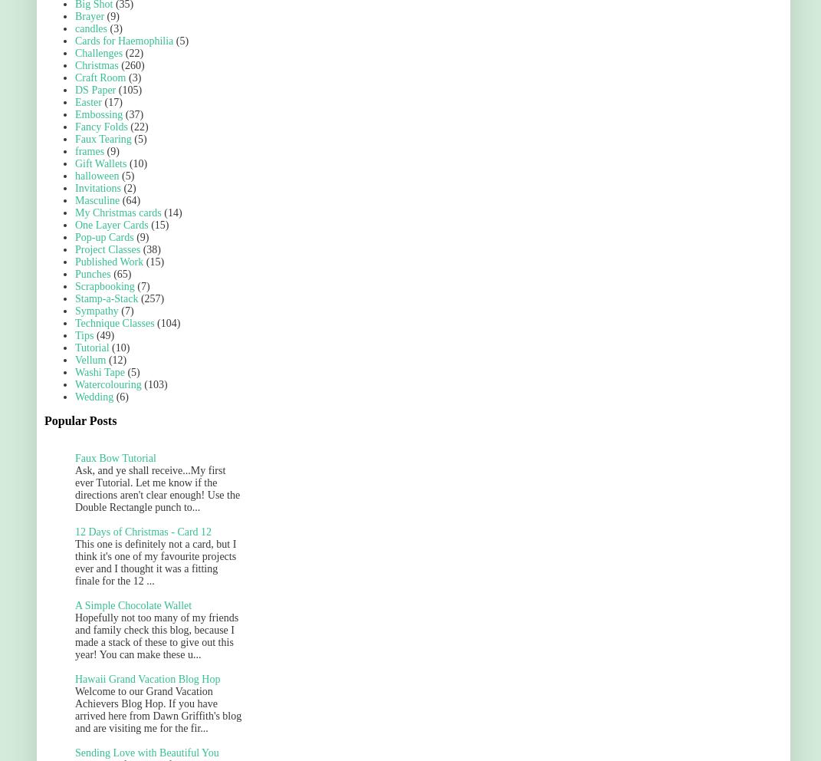 This screenshot has width=821, height=761. I want to click on 'Christmas', so click(96, 64).